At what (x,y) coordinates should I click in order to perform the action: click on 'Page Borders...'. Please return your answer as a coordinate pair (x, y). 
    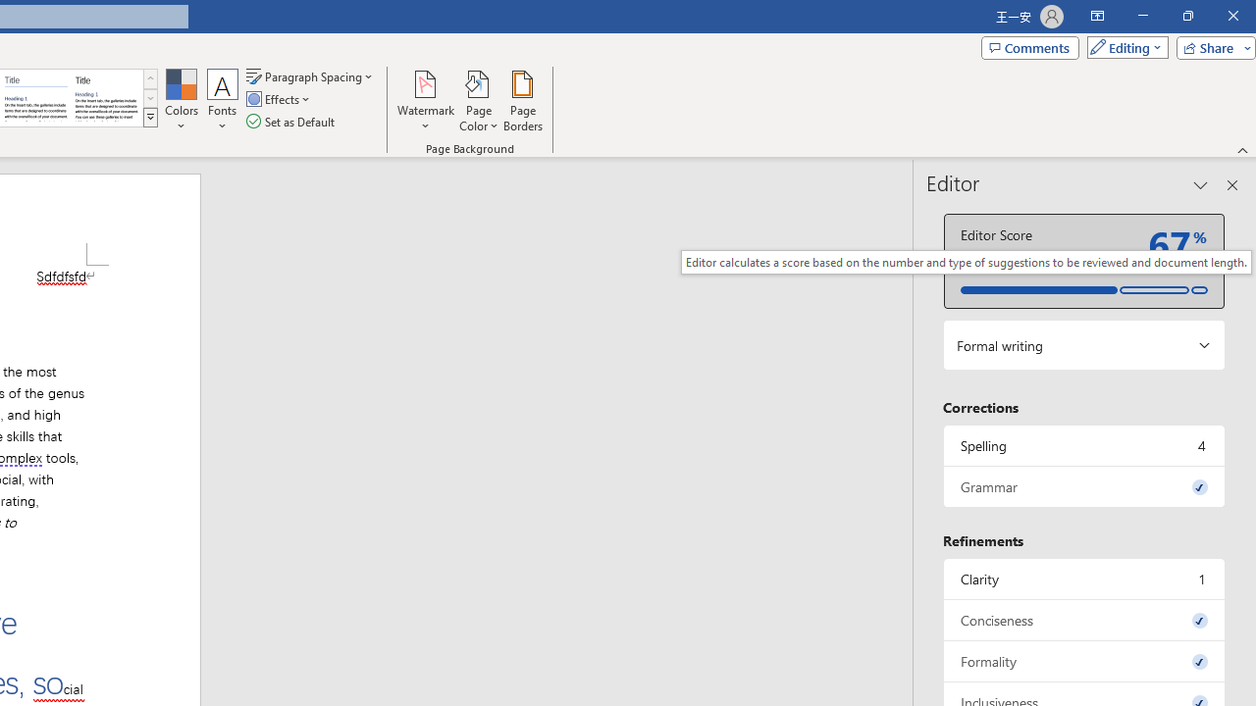
    Looking at the image, I should click on (523, 101).